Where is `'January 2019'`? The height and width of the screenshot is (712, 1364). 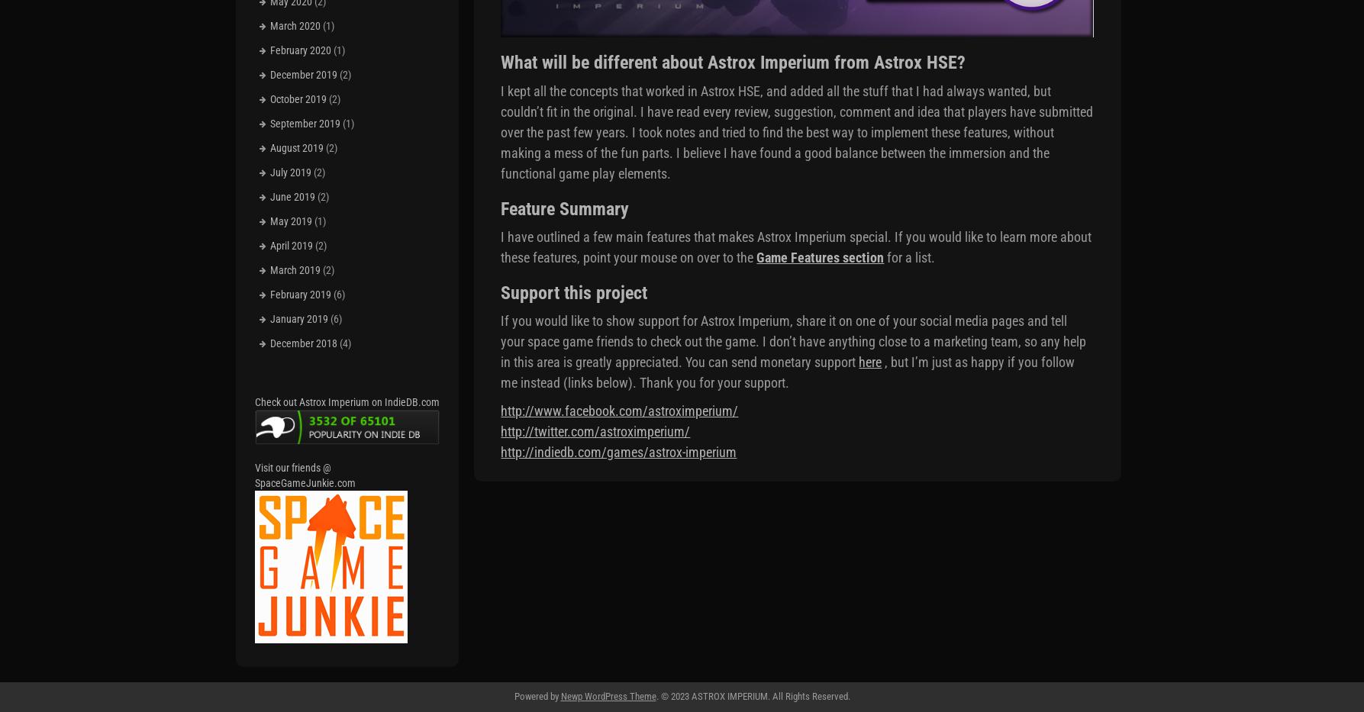
'January 2019' is located at coordinates (298, 317).